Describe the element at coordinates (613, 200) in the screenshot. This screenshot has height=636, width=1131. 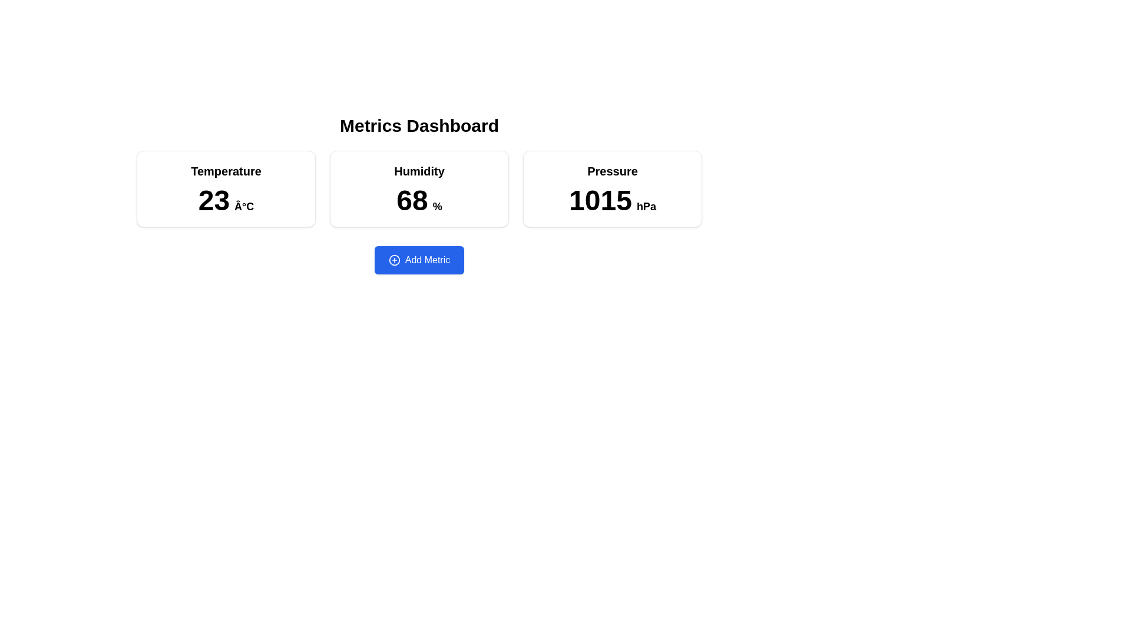
I see `text content of the Text Label displaying the current pressure value in hectopascals (hPa) located at the center of the third card on the metrics dashboard` at that location.